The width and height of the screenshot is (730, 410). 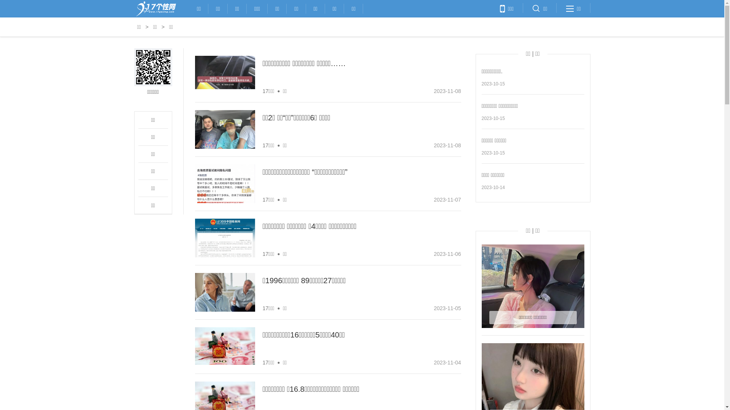 What do you see at coordinates (152, 67) in the screenshot?
I see `'http://mip.17gexing.com/shenghuo/baitai/'` at bounding box center [152, 67].